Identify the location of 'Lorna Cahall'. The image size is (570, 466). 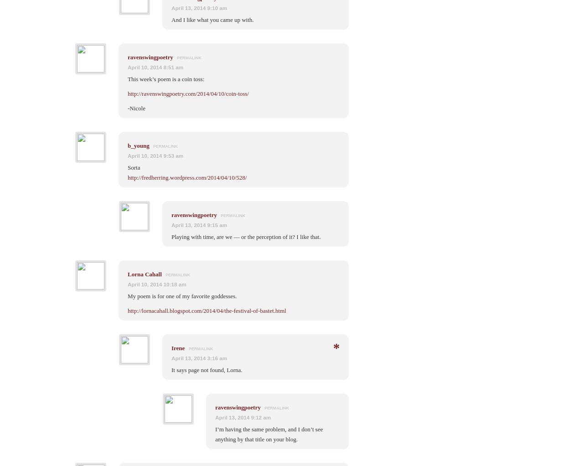
(128, 273).